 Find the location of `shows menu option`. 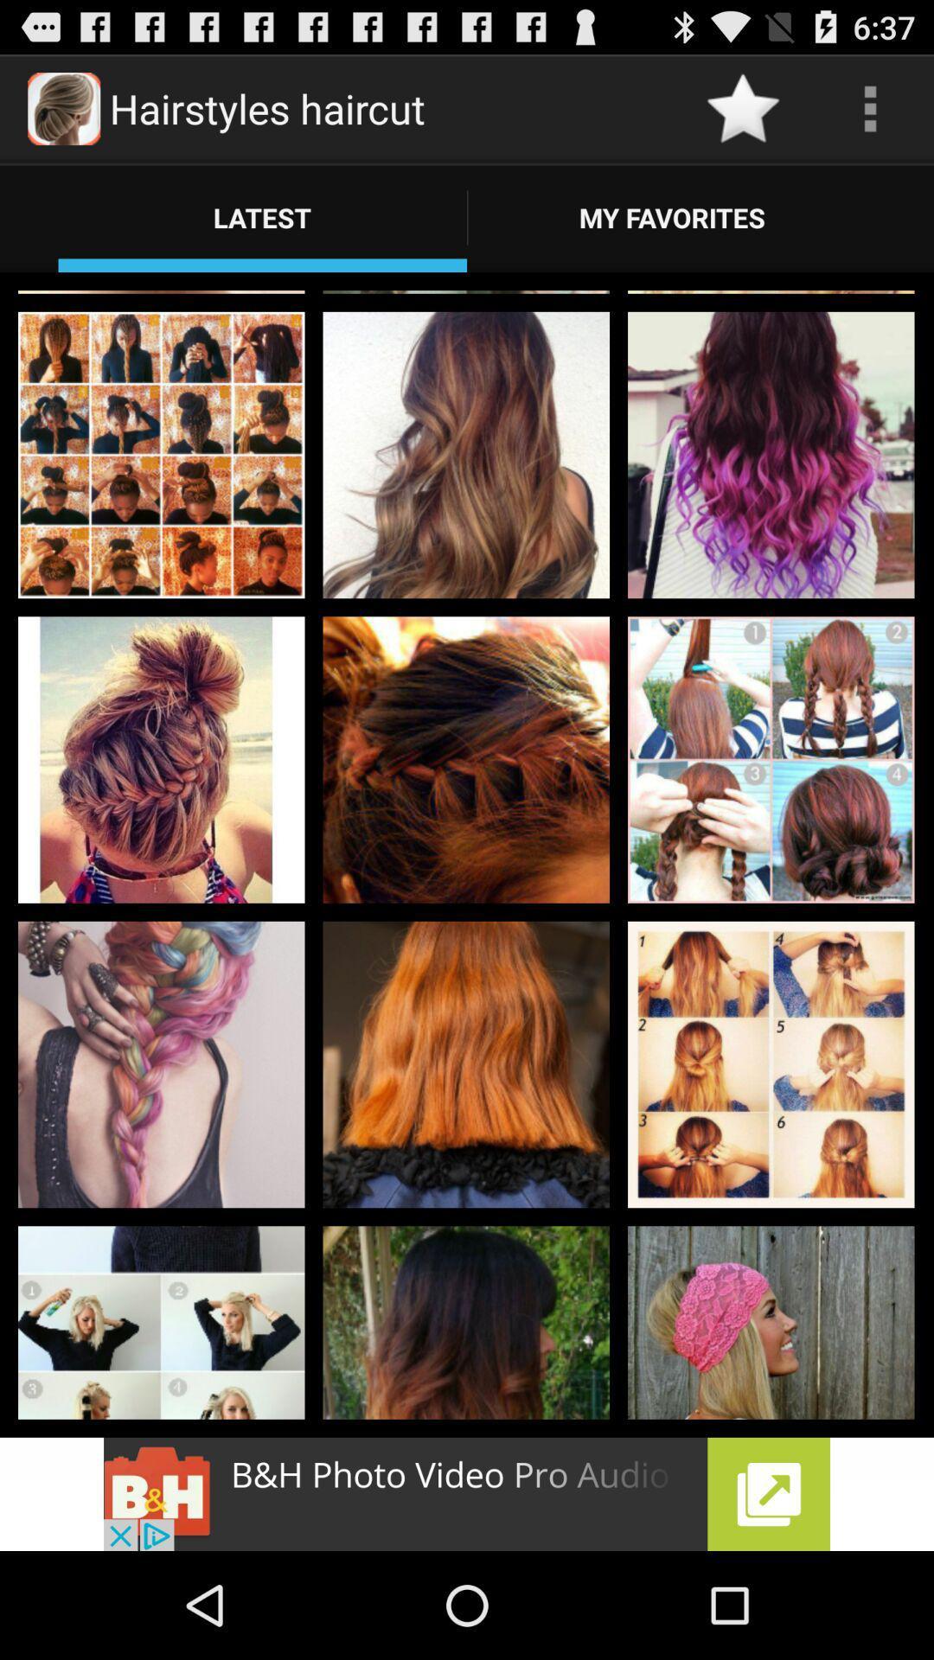

shows menu option is located at coordinates (870, 107).